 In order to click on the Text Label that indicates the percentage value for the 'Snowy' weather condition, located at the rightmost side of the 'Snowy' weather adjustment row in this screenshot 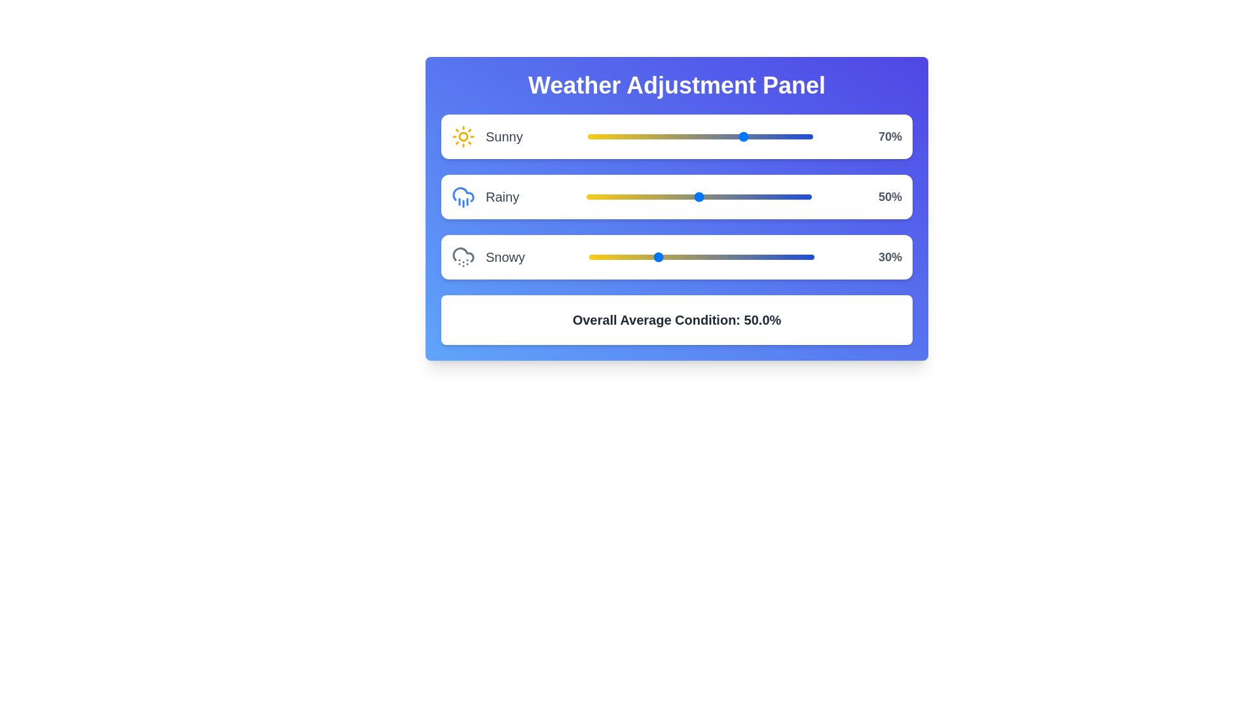, I will do `click(890, 257)`.